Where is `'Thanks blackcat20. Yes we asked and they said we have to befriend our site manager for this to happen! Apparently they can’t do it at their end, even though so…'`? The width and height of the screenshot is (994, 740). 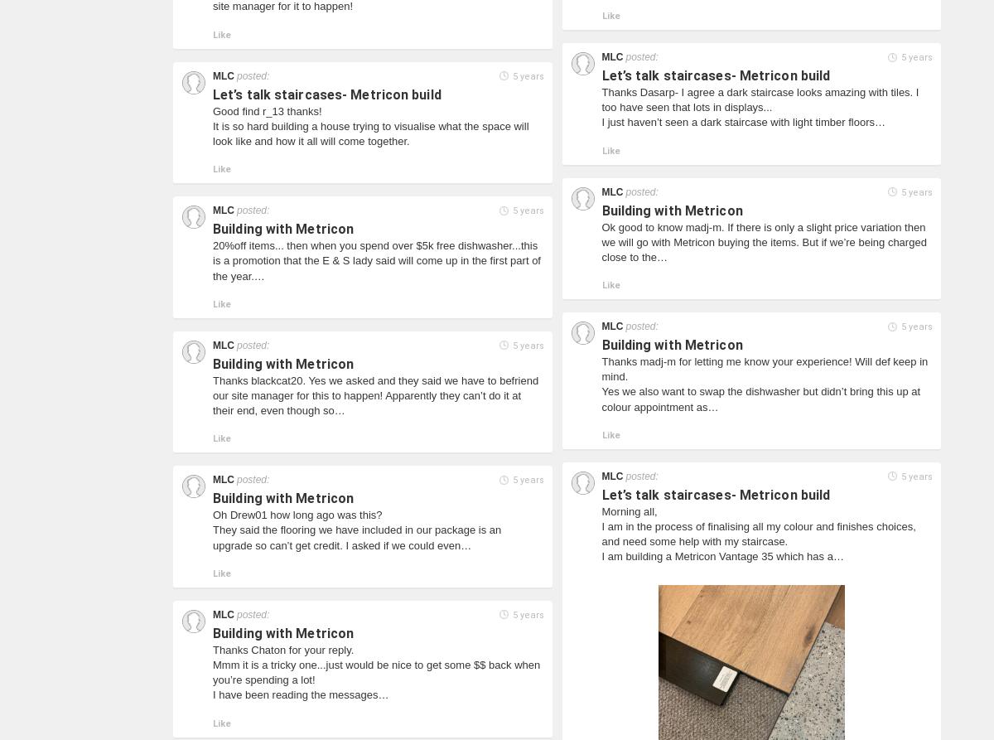 'Thanks blackcat20. Yes we asked and they said we have to befriend our site manager for this to happen! Apparently they can’t do it at their end, even though so…' is located at coordinates (212, 394).